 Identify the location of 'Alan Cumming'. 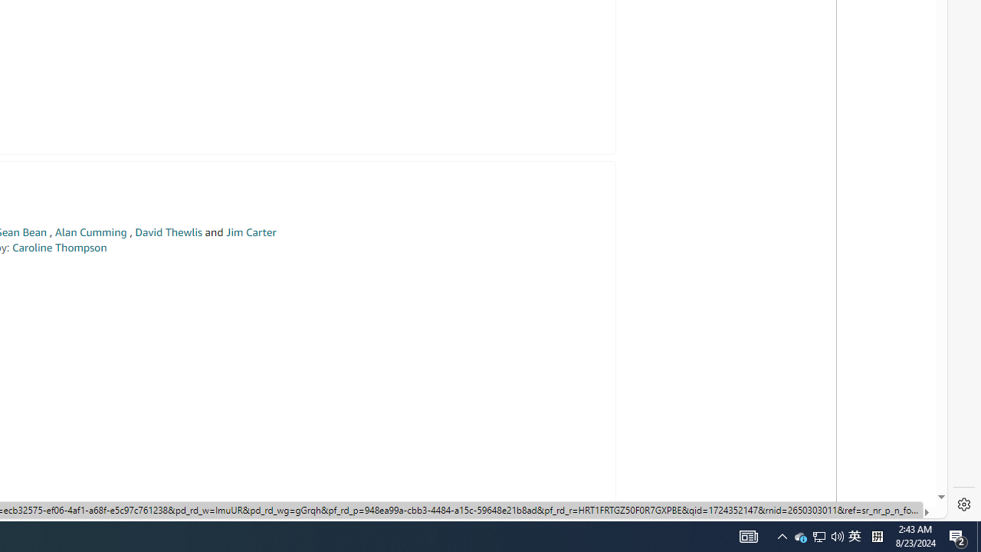
(90, 232).